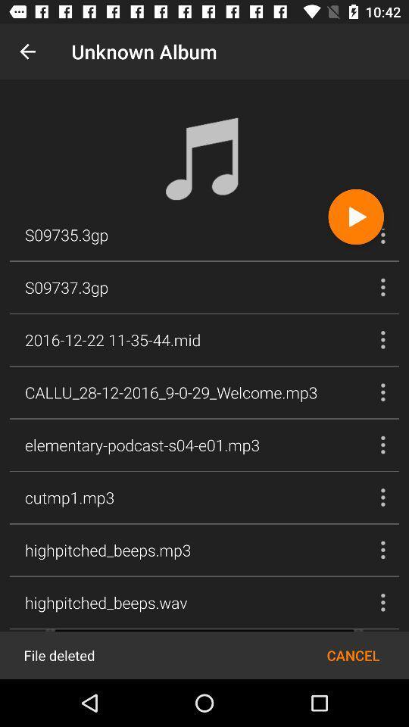 The height and width of the screenshot is (727, 409). What do you see at coordinates (170, 392) in the screenshot?
I see `callu_28 12 2016_9` at bounding box center [170, 392].